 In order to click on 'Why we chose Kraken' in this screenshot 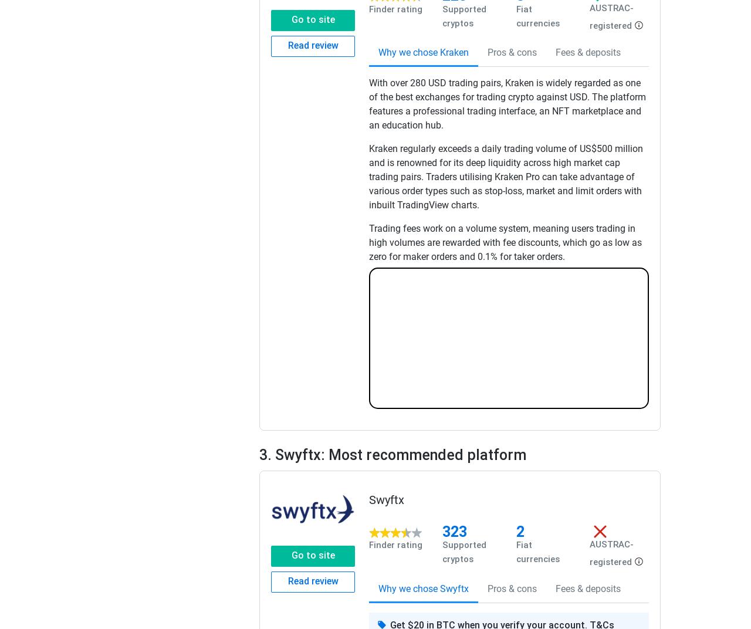, I will do `click(423, 52)`.